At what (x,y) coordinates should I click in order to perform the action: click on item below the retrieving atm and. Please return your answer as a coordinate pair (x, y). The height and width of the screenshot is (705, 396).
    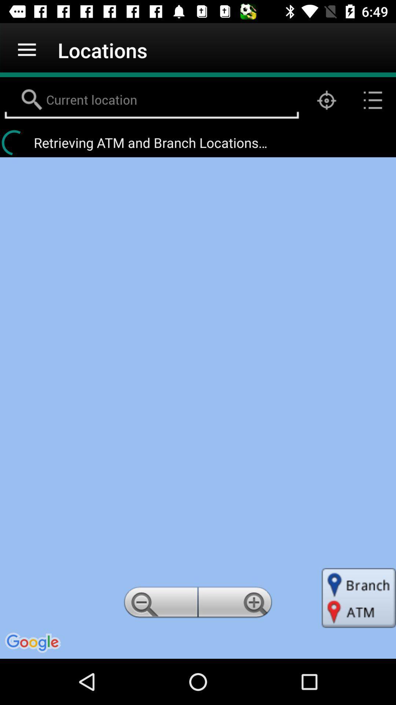
    Looking at the image, I should click on (159, 604).